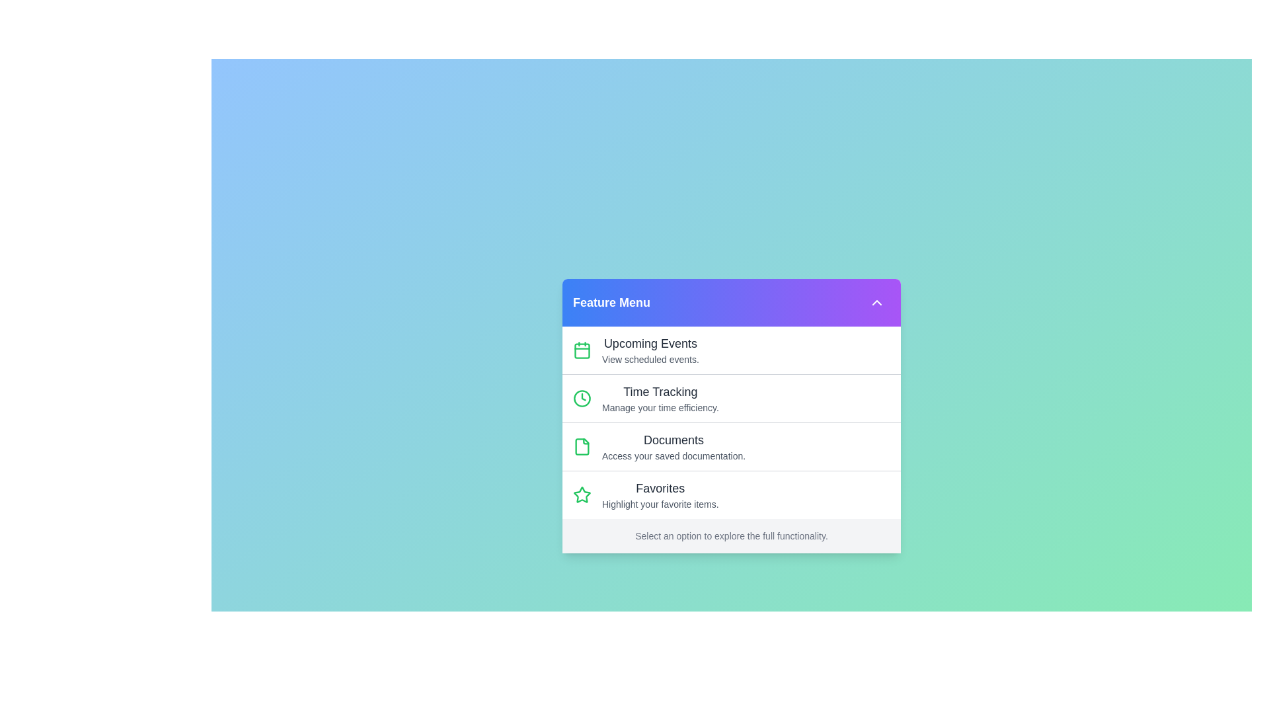 This screenshot has width=1269, height=714. I want to click on toggle button in the top-right corner of the menu header, so click(876, 302).